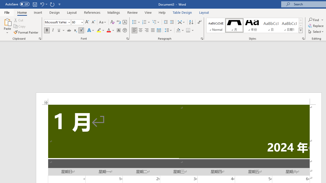 The width and height of the screenshot is (326, 183). What do you see at coordinates (34, 4) in the screenshot?
I see `'Save'` at bounding box center [34, 4].